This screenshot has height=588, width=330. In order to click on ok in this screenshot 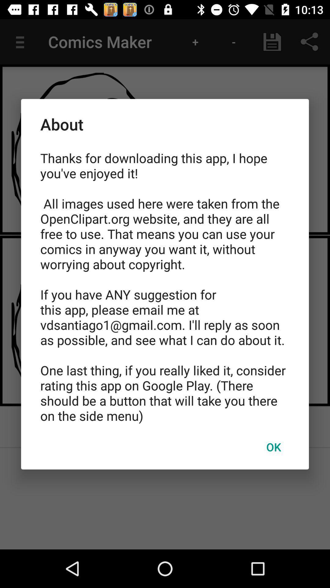, I will do `click(273, 447)`.